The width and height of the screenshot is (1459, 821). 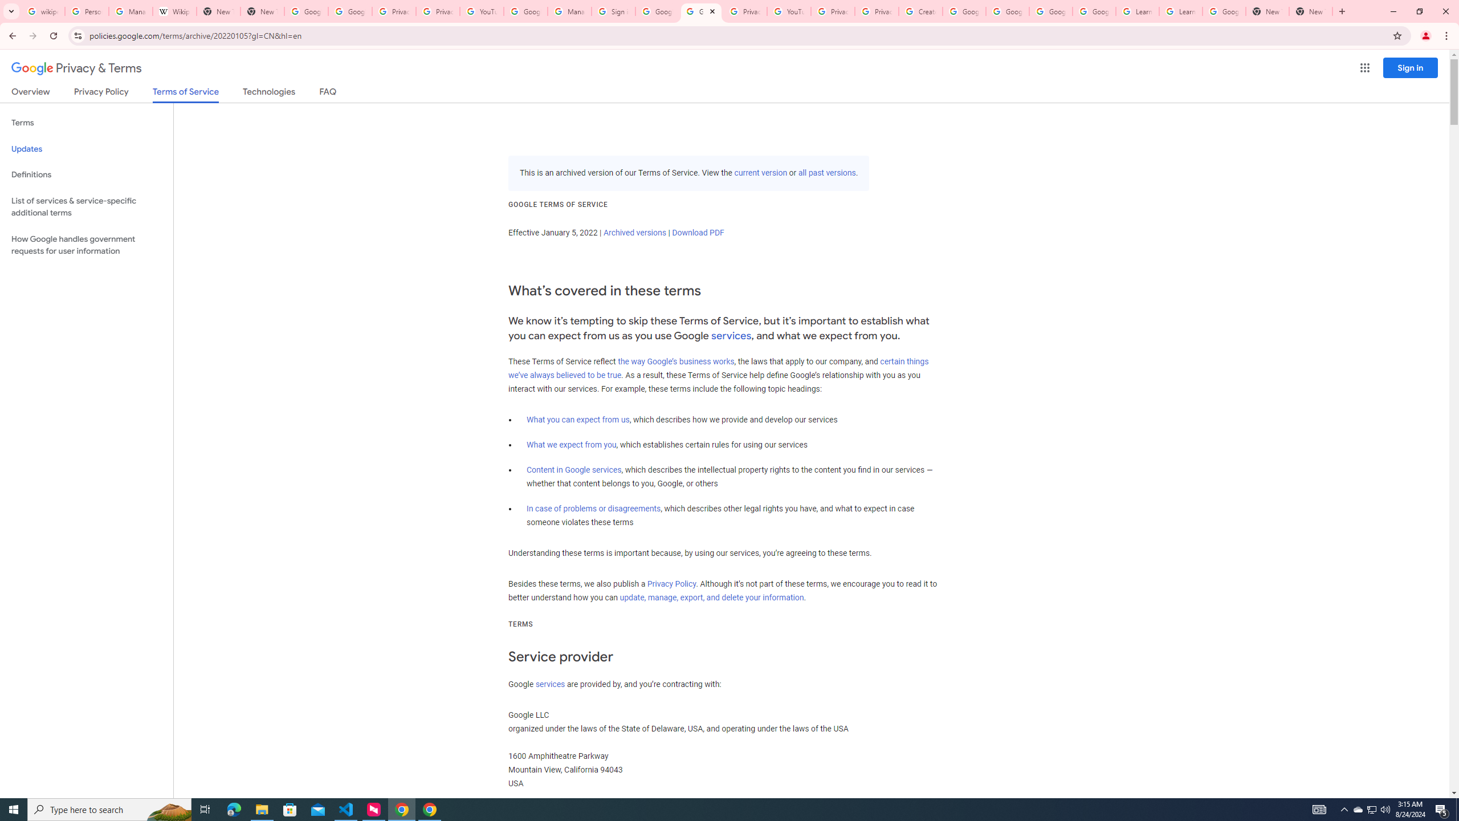 What do you see at coordinates (1310, 11) in the screenshot?
I see `'New Tab'` at bounding box center [1310, 11].